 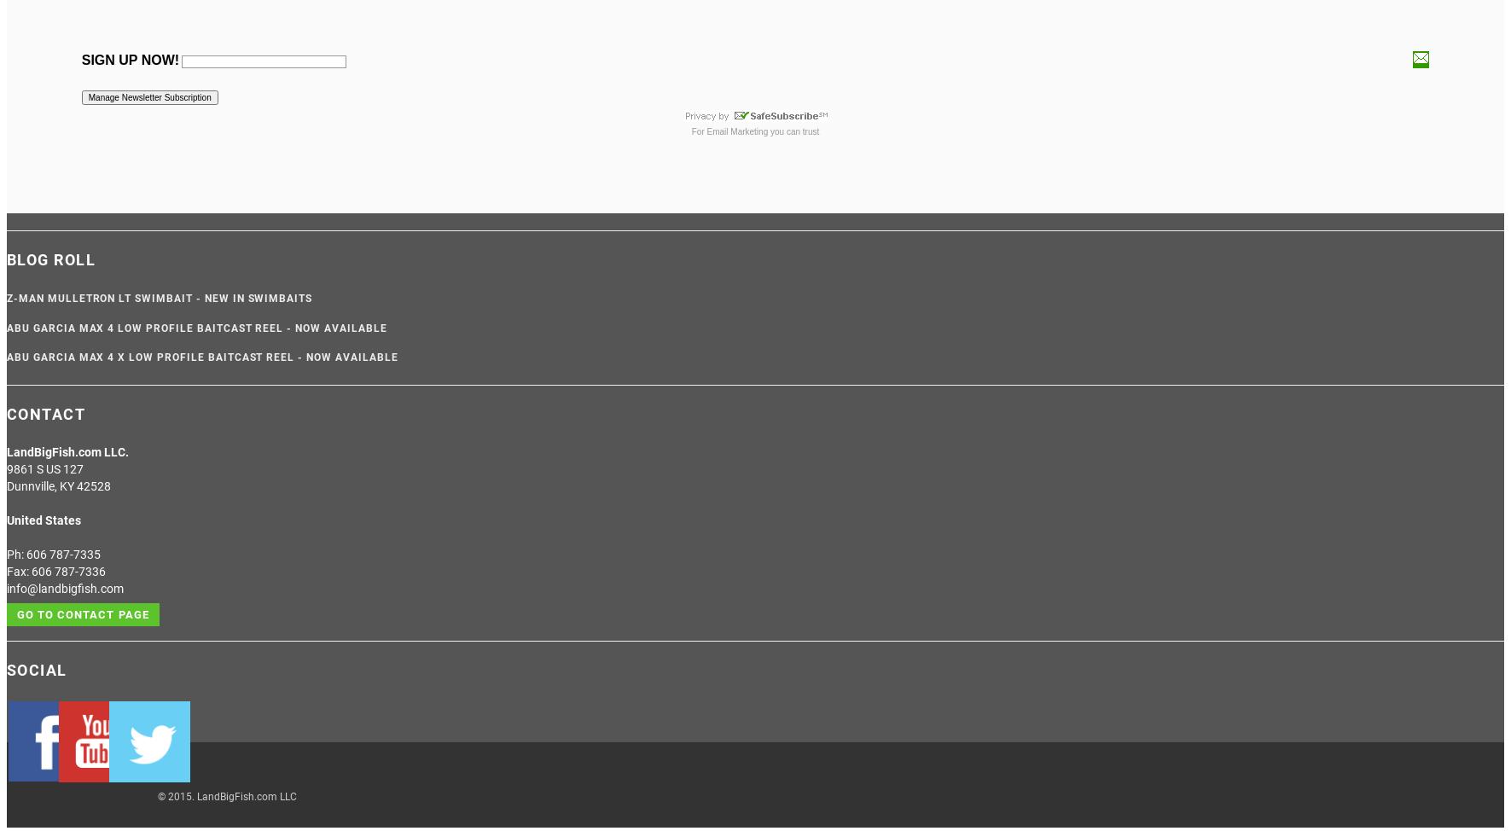 I want to click on 'Z-Man Mulletron LT Swimbait - NEW IN SWIMBAITS', so click(x=160, y=298).